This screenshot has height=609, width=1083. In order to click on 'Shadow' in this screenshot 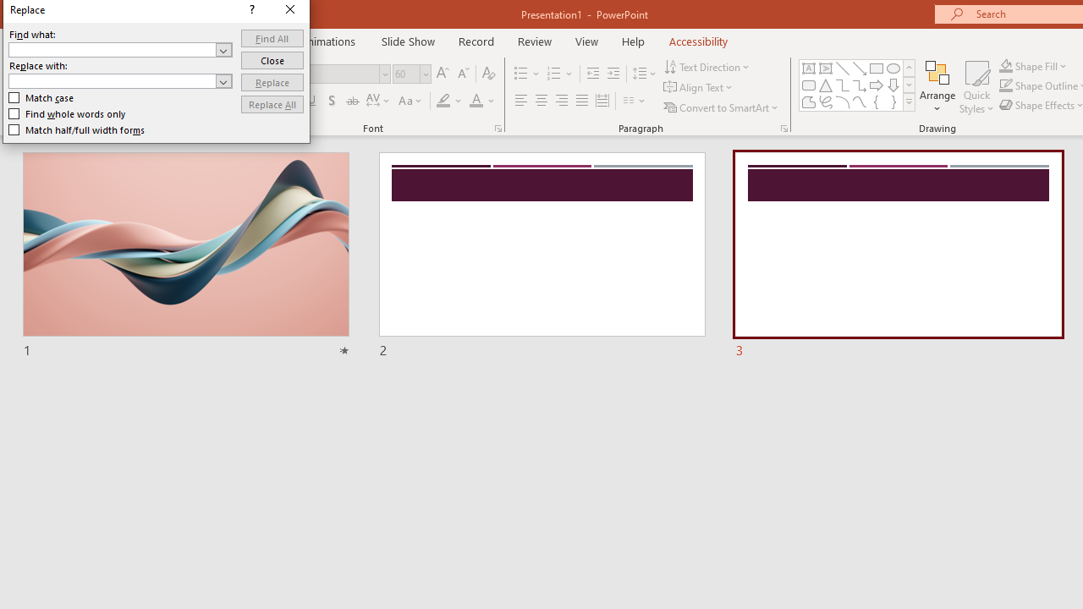, I will do `click(332, 101)`.